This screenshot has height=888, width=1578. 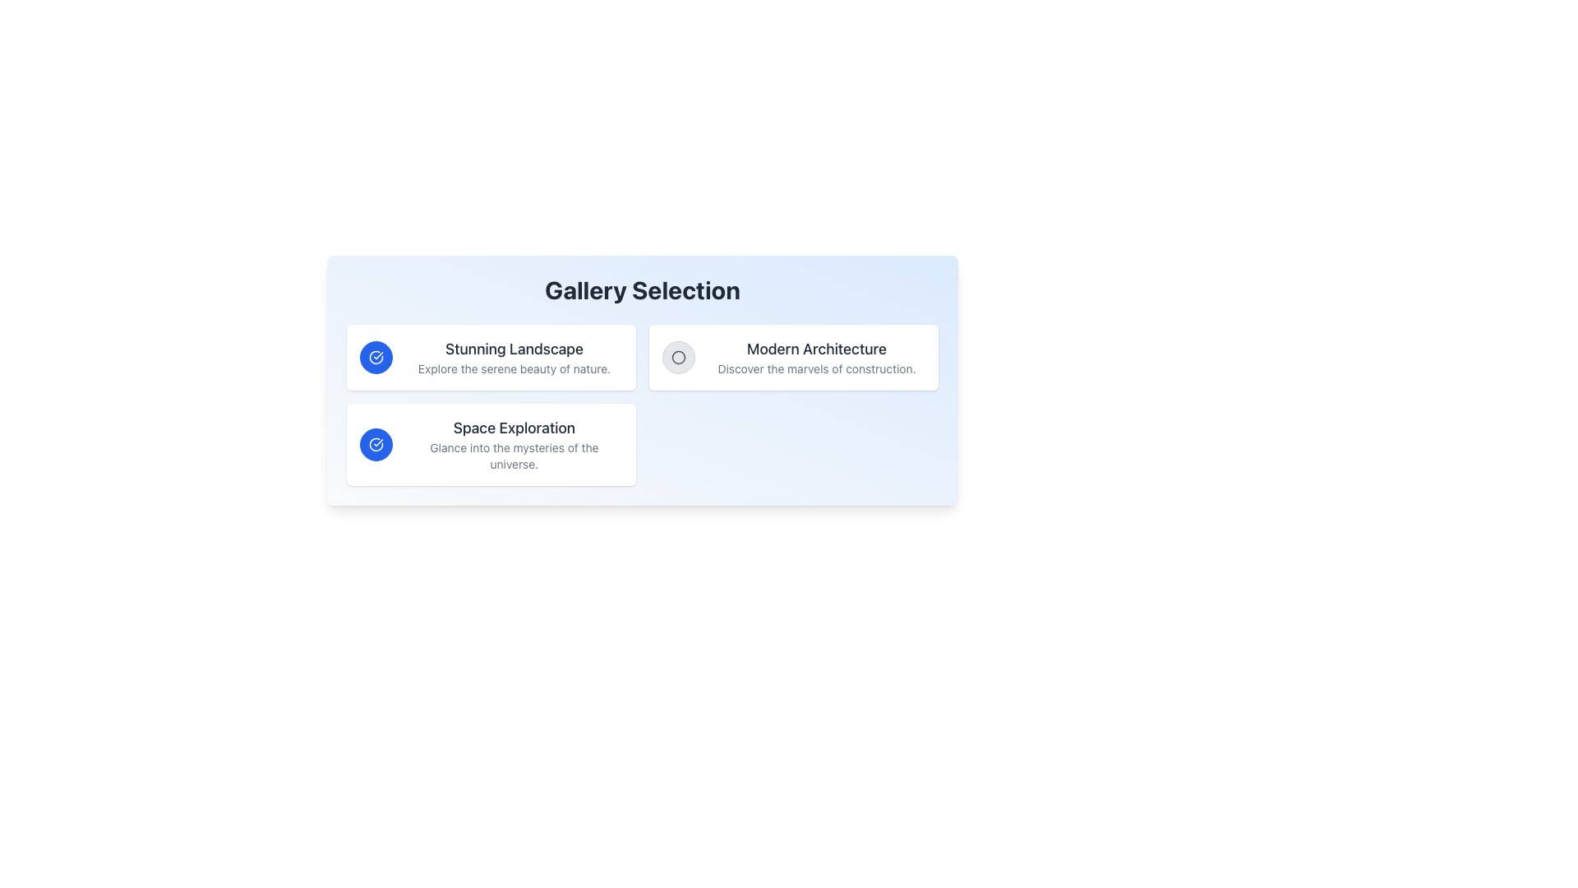 What do you see at coordinates (816, 368) in the screenshot?
I see `the text label reading 'Discover the marvels of construction.' located below the title 'Modern Architecture' in the top-right card` at bounding box center [816, 368].